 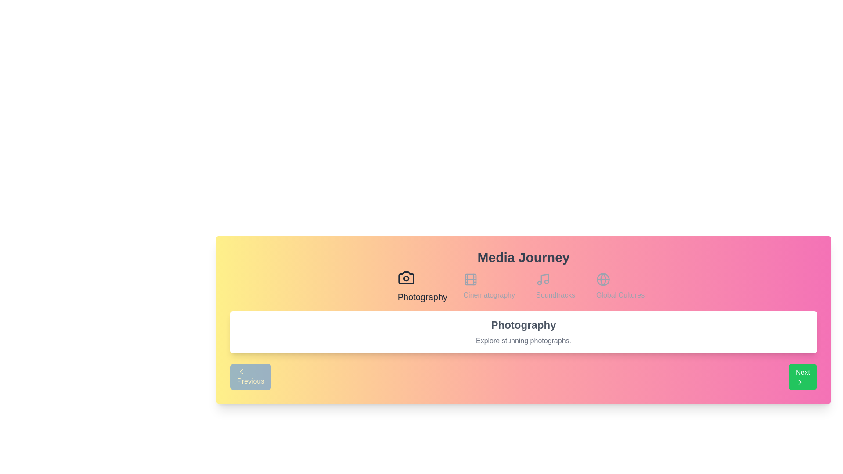 I want to click on 'Next' button to navigate to the next stage, so click(x=803, y=377).